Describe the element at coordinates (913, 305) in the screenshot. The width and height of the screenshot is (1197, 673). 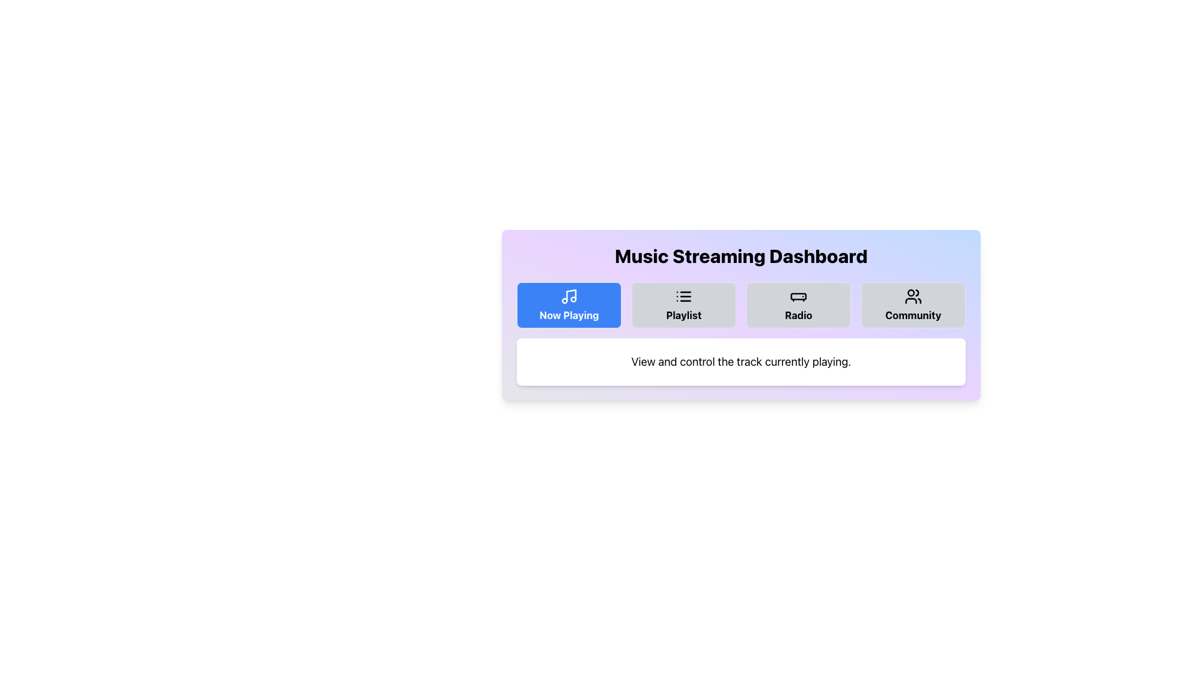
I see `the 'Community' button with a light gray background and a group of people icon` at that location.